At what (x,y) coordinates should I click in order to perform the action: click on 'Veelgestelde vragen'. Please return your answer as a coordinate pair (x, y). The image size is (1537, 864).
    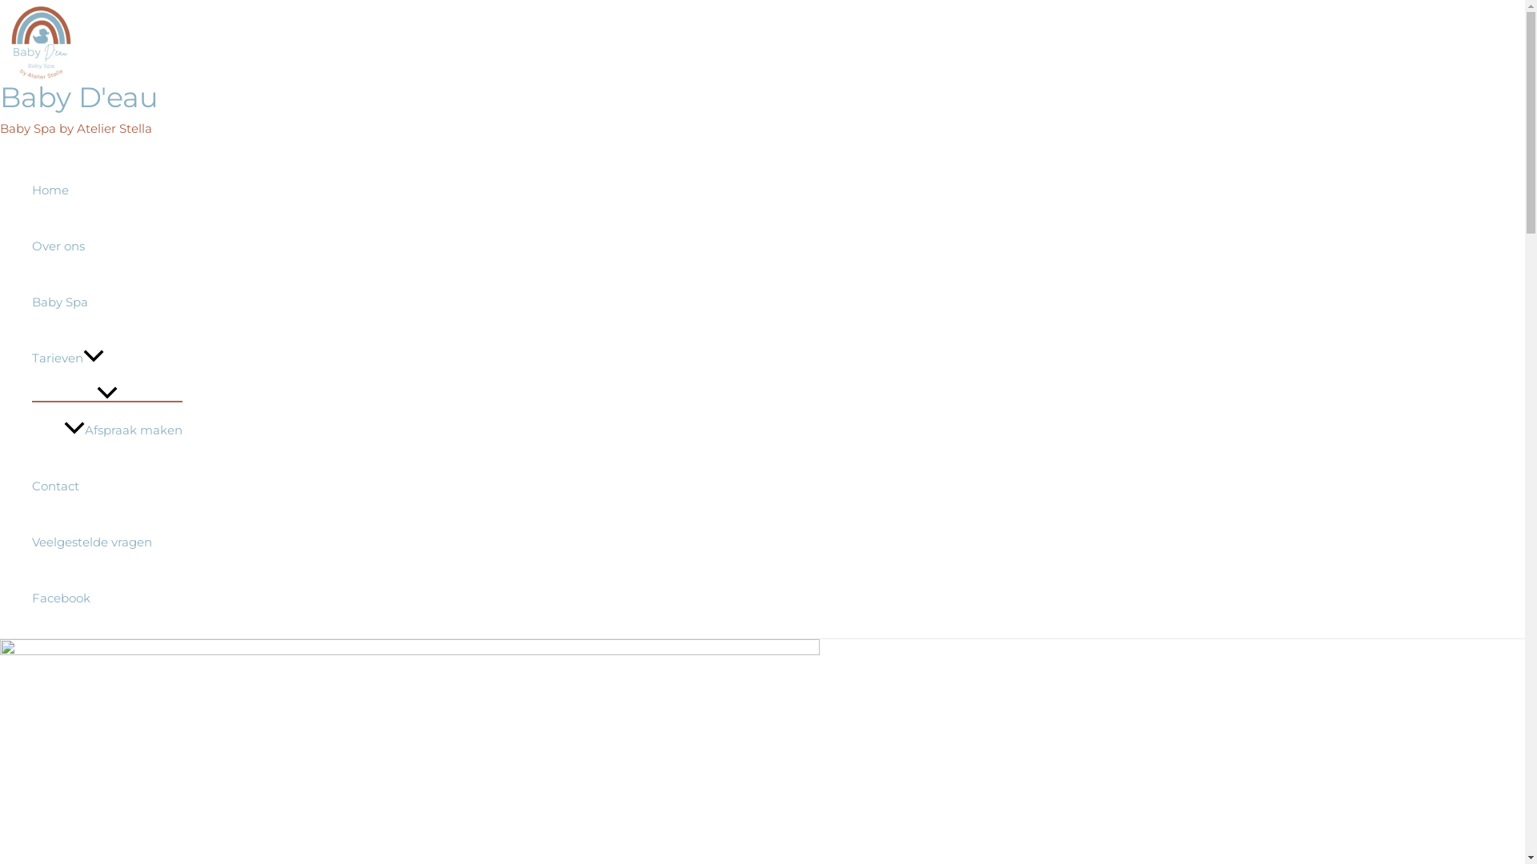
    Looking at the image, I should click on (31, 542).